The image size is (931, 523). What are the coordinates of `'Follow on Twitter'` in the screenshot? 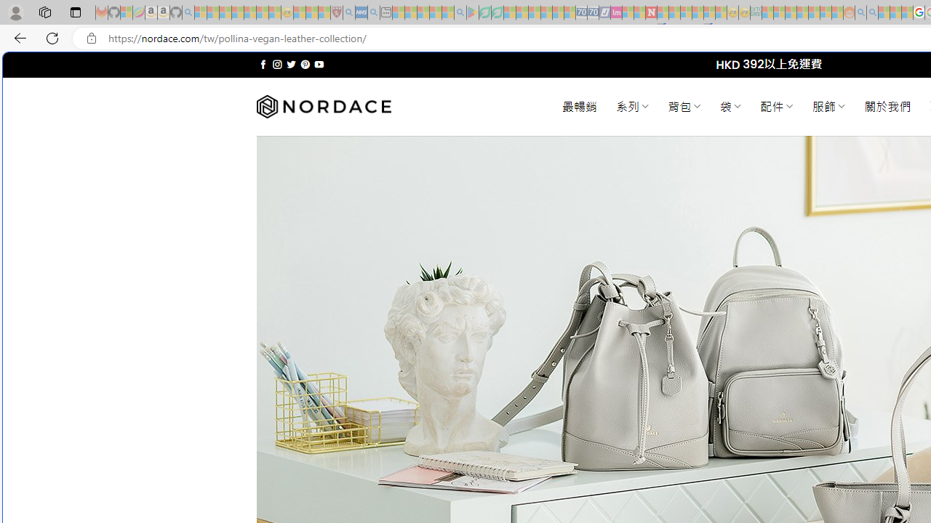 It's located at (291, 64).